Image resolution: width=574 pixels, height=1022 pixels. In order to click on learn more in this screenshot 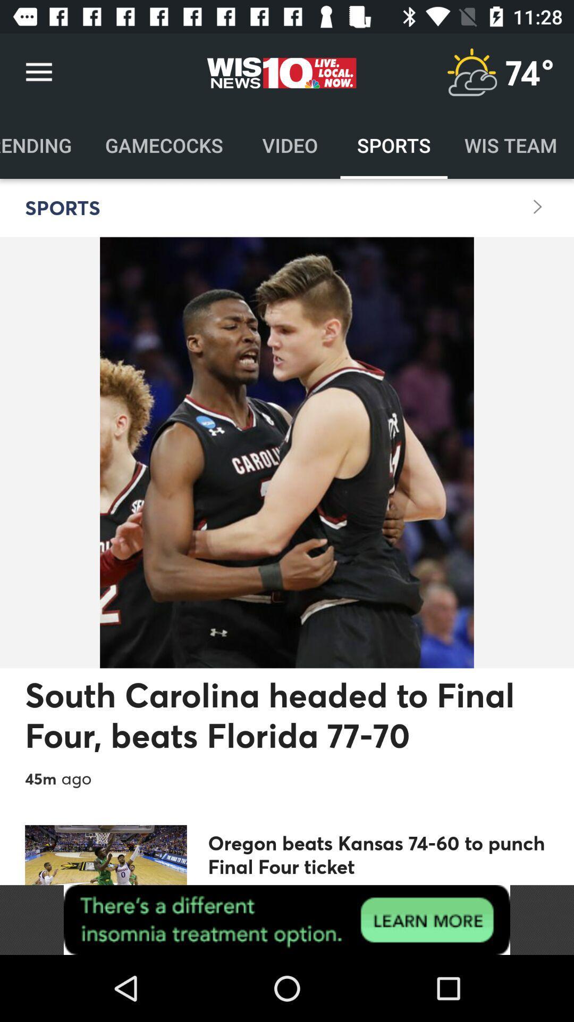, I will do `click(287, 919)`.